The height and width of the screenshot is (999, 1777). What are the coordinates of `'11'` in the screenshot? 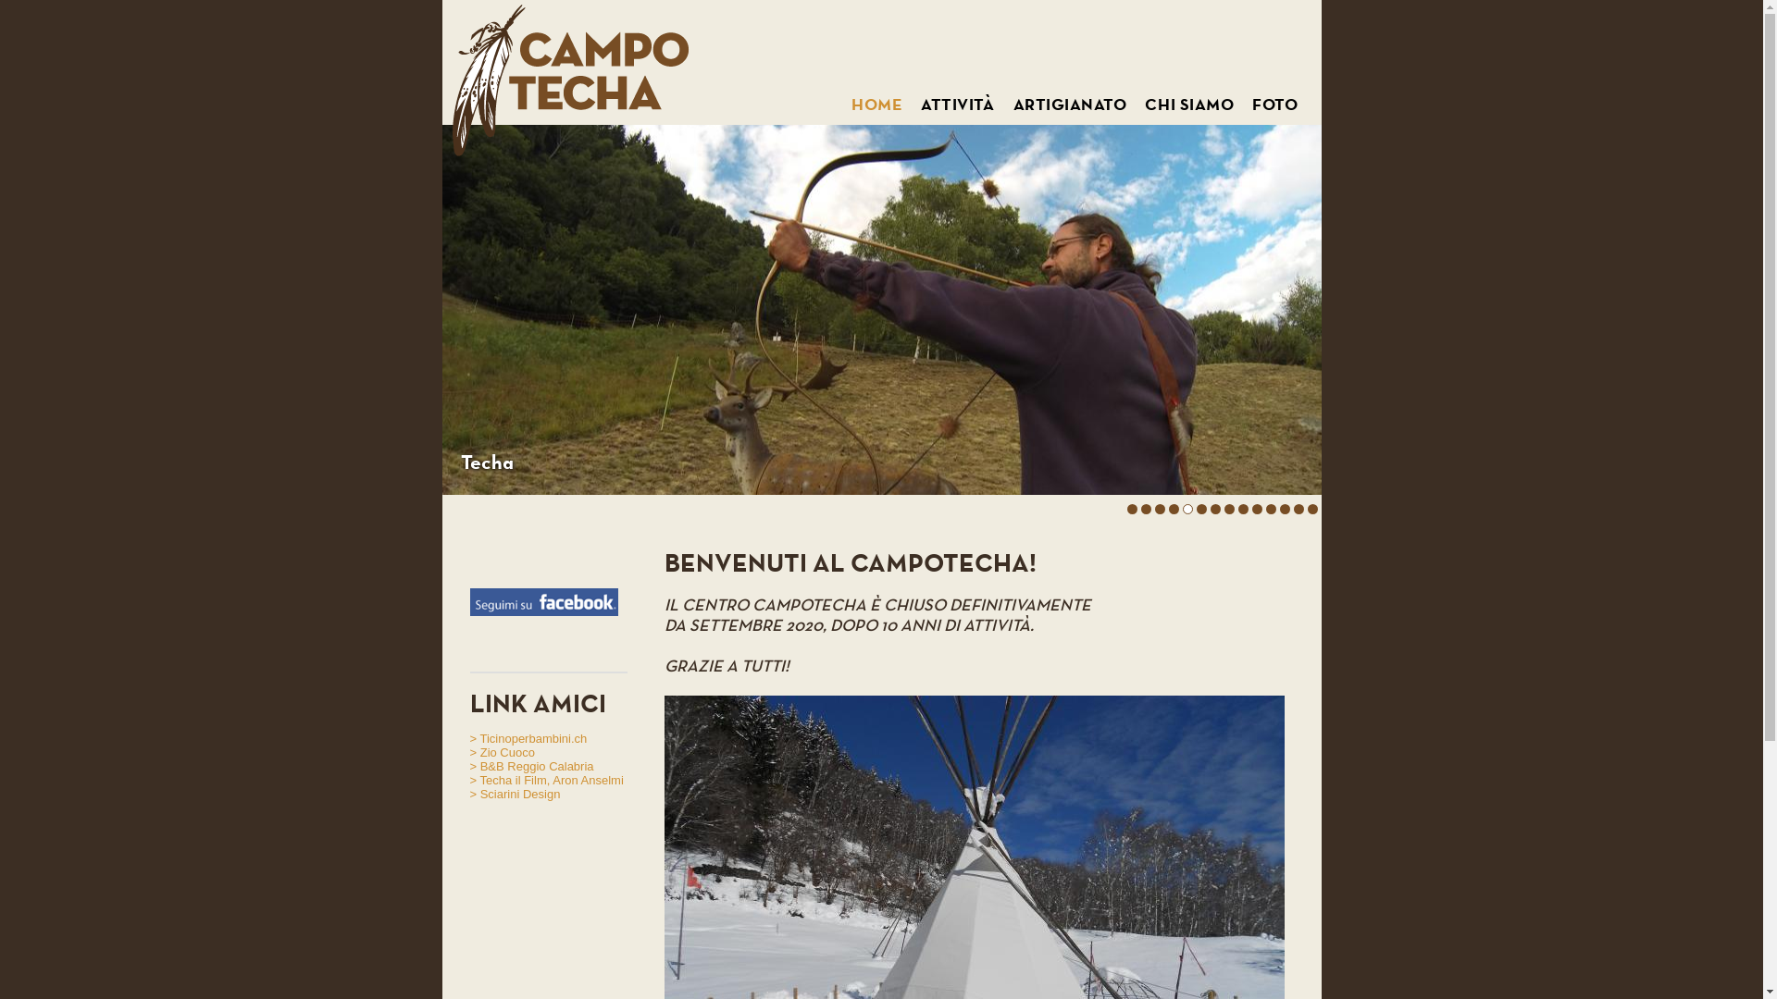 It's located at (1273, 512).